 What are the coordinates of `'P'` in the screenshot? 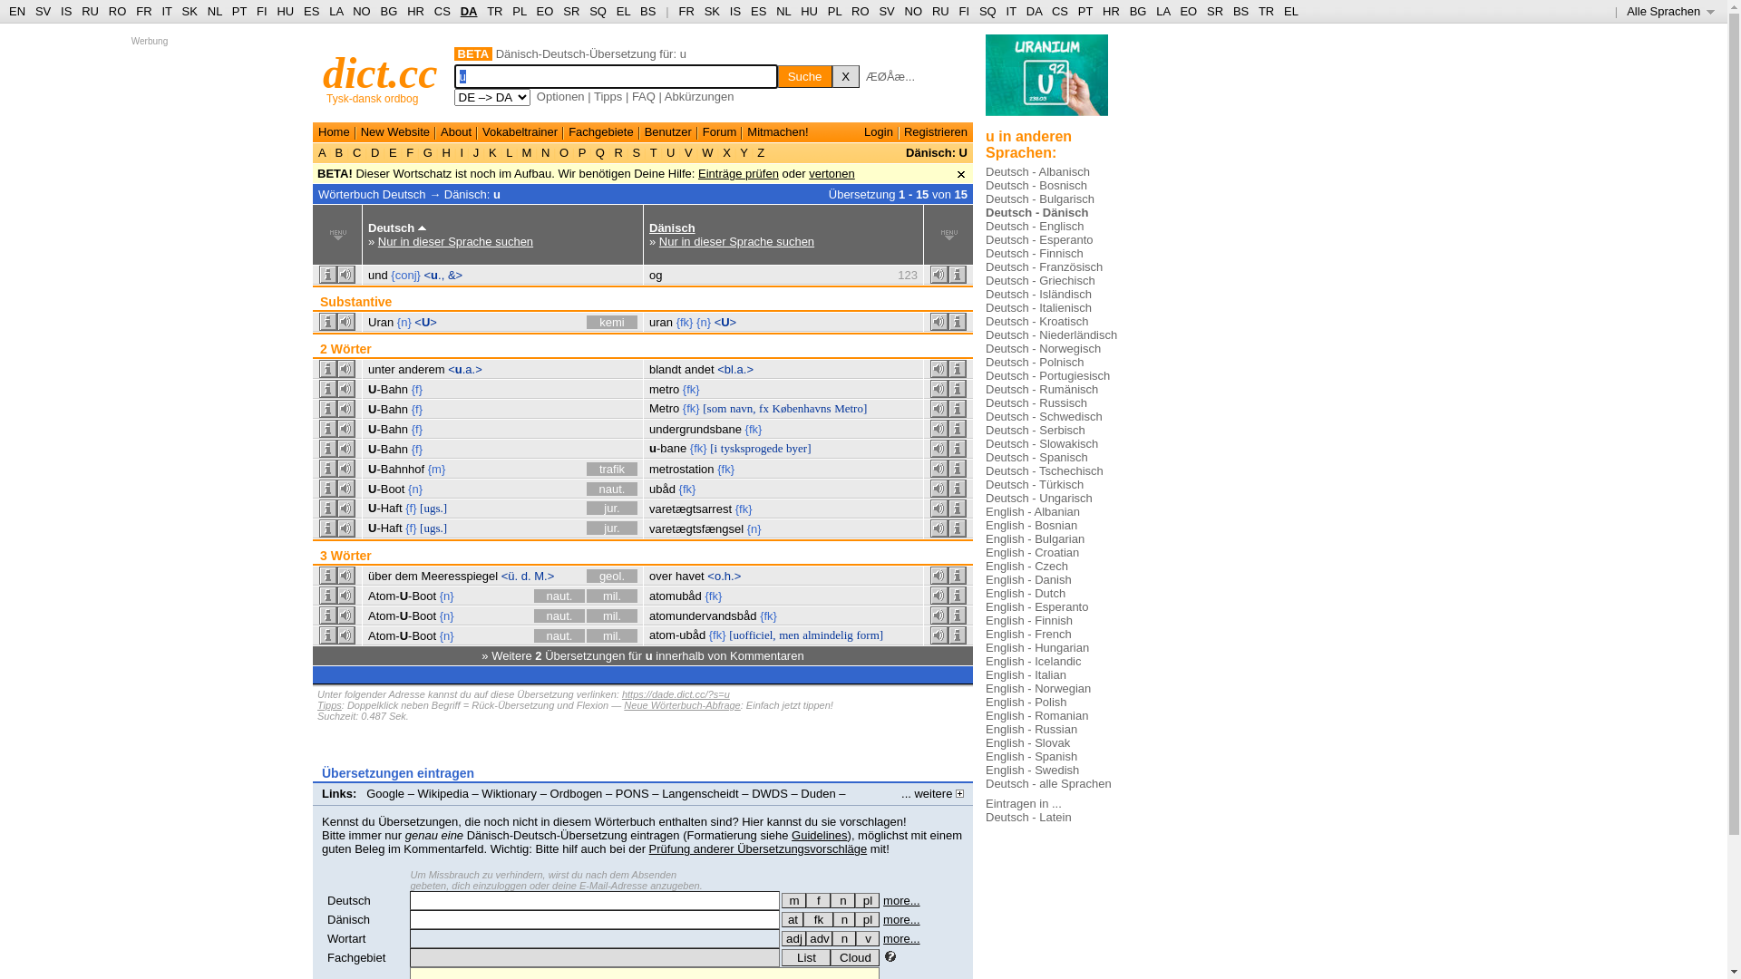 It's located at (573, 151).